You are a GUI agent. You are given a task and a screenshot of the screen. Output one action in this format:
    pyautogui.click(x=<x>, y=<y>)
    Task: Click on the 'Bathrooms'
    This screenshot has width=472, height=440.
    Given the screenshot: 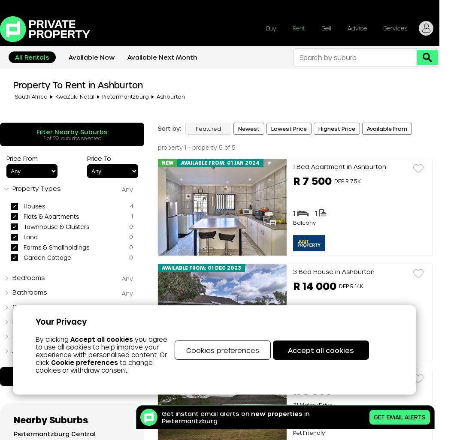 What is the action you would take?
    pyautogui.click(x=29, y=292)
    